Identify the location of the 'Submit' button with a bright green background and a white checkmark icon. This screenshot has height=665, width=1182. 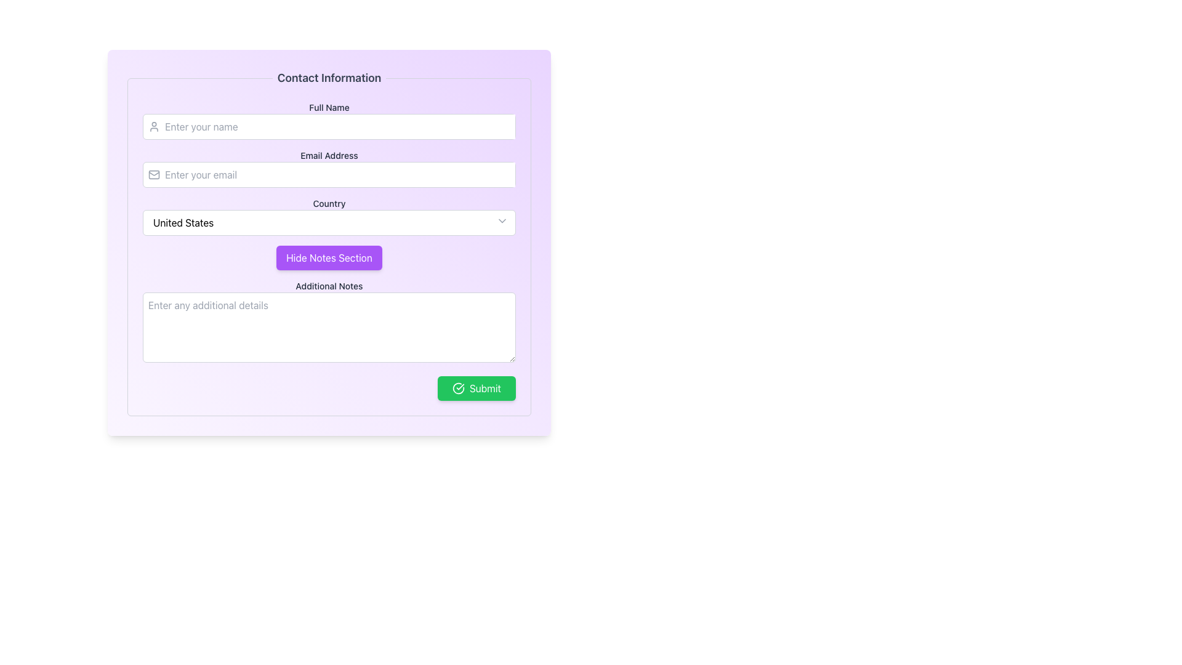
(476, 389).